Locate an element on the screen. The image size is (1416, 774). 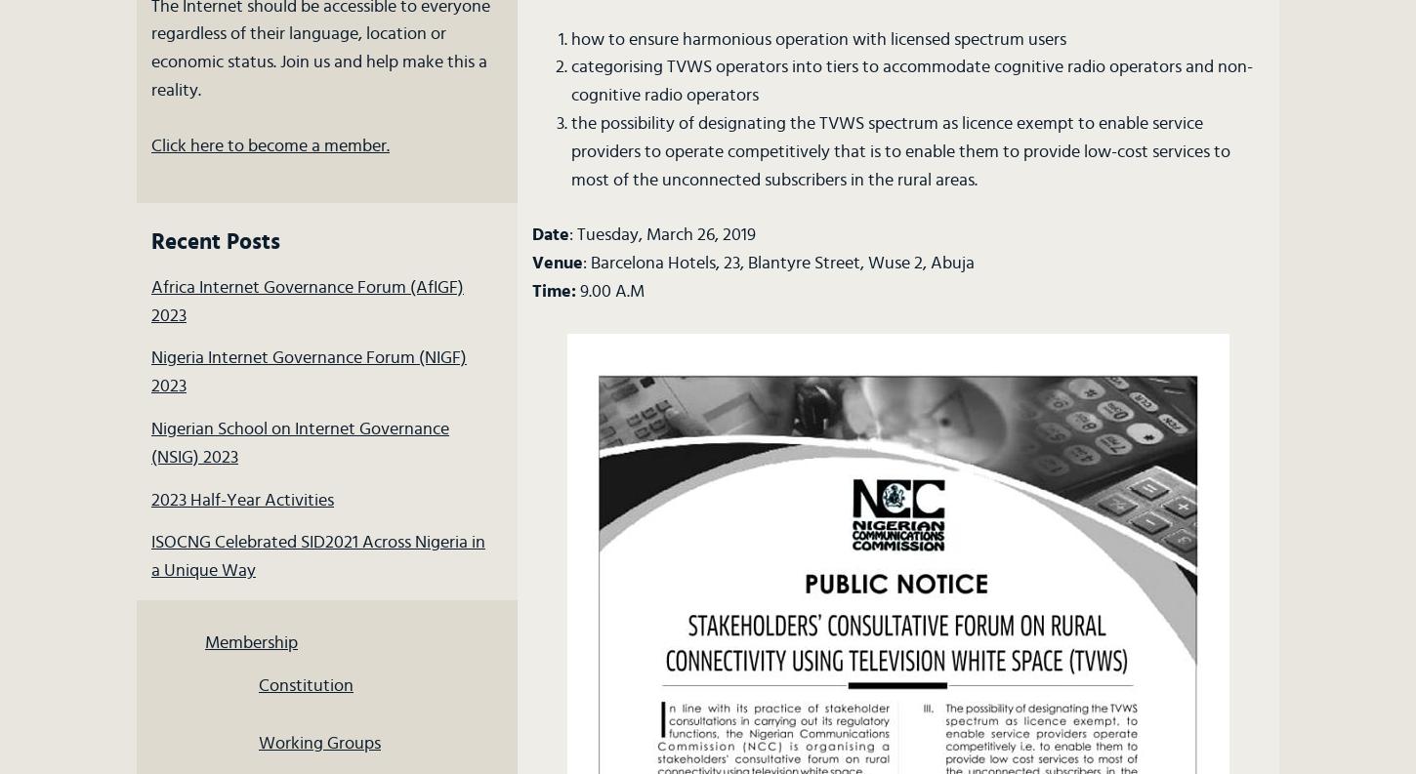
'categorising TVWS operators into tiers to accommodate cognitive radio operators and non-cognitive radio operators' is located at coordinates (909, 81).